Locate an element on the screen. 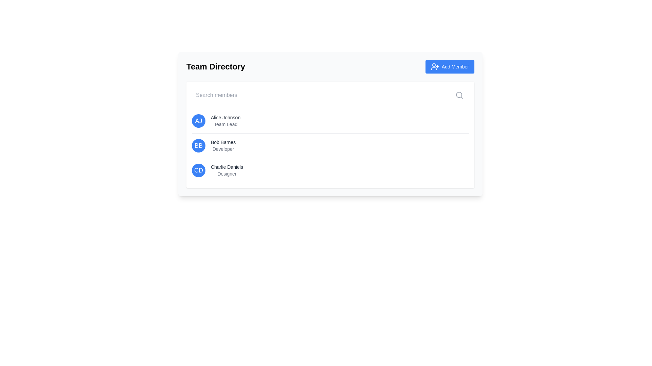 The height and width of the screenshot is (366, 652). the text label identifying Bob Barnes, a Developer, in the Team Directory interface is located at coordinates (223, 142).